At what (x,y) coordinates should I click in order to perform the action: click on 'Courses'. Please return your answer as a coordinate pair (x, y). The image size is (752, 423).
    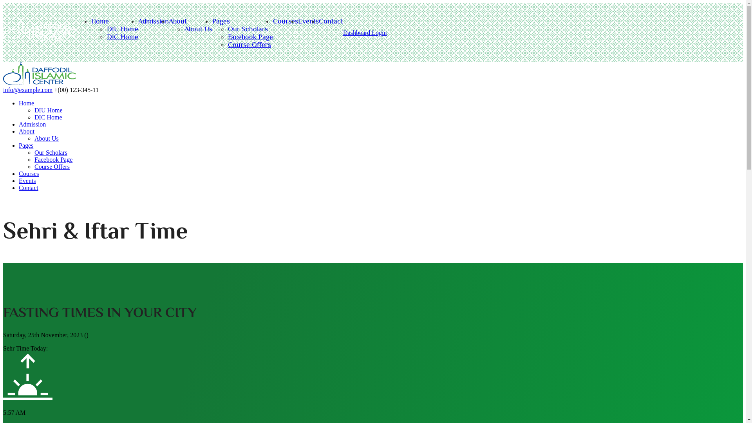
    Looking at the image, I should click on (285, 21).